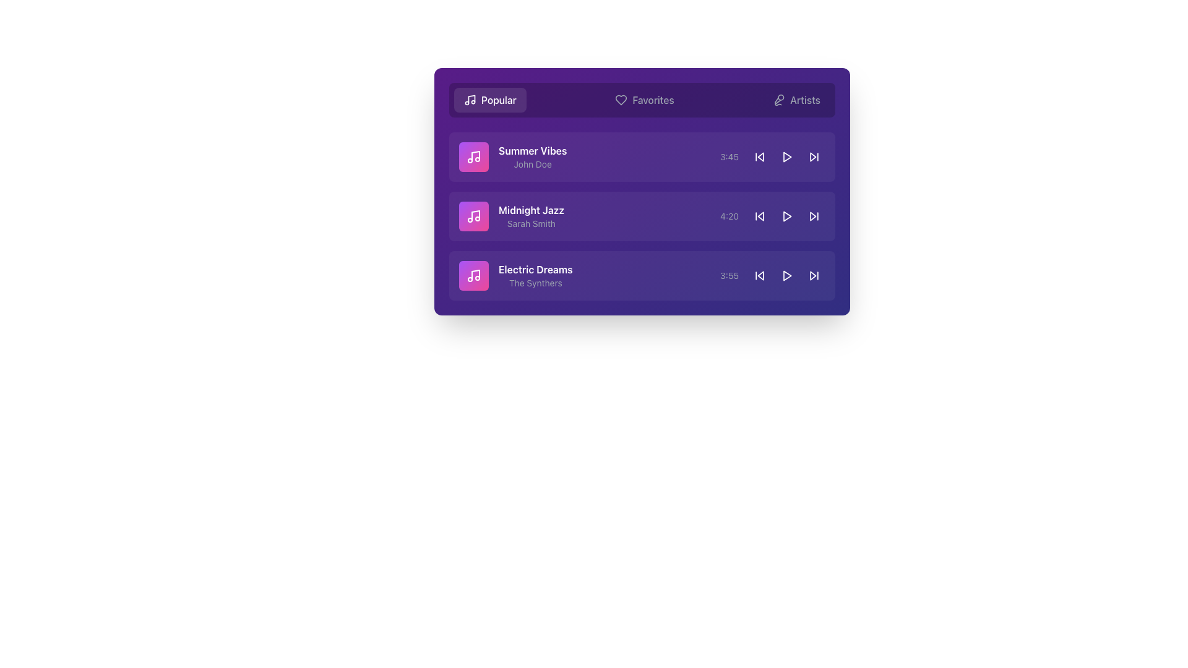 The height and width of the screenshot is (668, 1188). I want to click on text label containing 'Midnight Jazz' and 'Sarah Smith', which is located within the second item of a list of music tracks, positioned between 'Summer Vibes' and 'Electric Dreams', so click(532, 216).